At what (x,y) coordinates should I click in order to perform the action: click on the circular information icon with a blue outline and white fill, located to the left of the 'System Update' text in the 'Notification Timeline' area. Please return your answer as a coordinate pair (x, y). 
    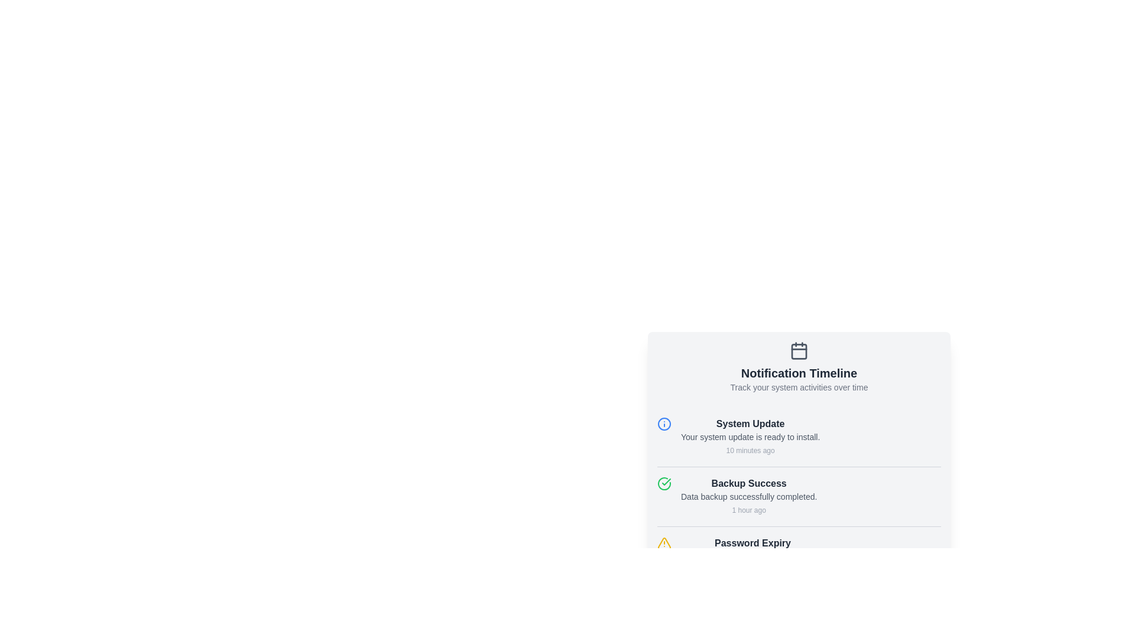
    Looking at the image, I should click on (664, 423).